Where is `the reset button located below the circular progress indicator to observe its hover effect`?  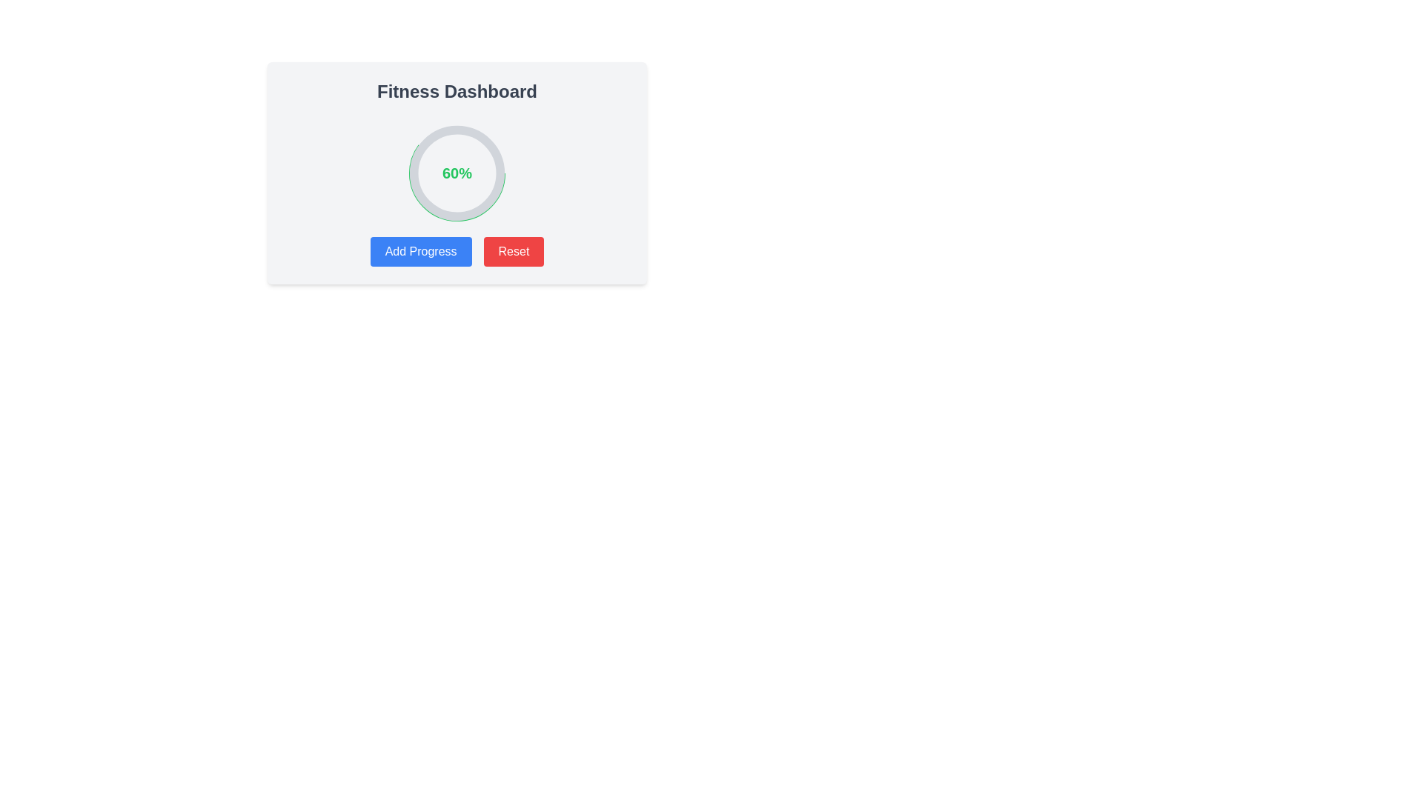 the reset button located below the circular progress indicator to observe its hover effect is located at coordinates (514, 250).